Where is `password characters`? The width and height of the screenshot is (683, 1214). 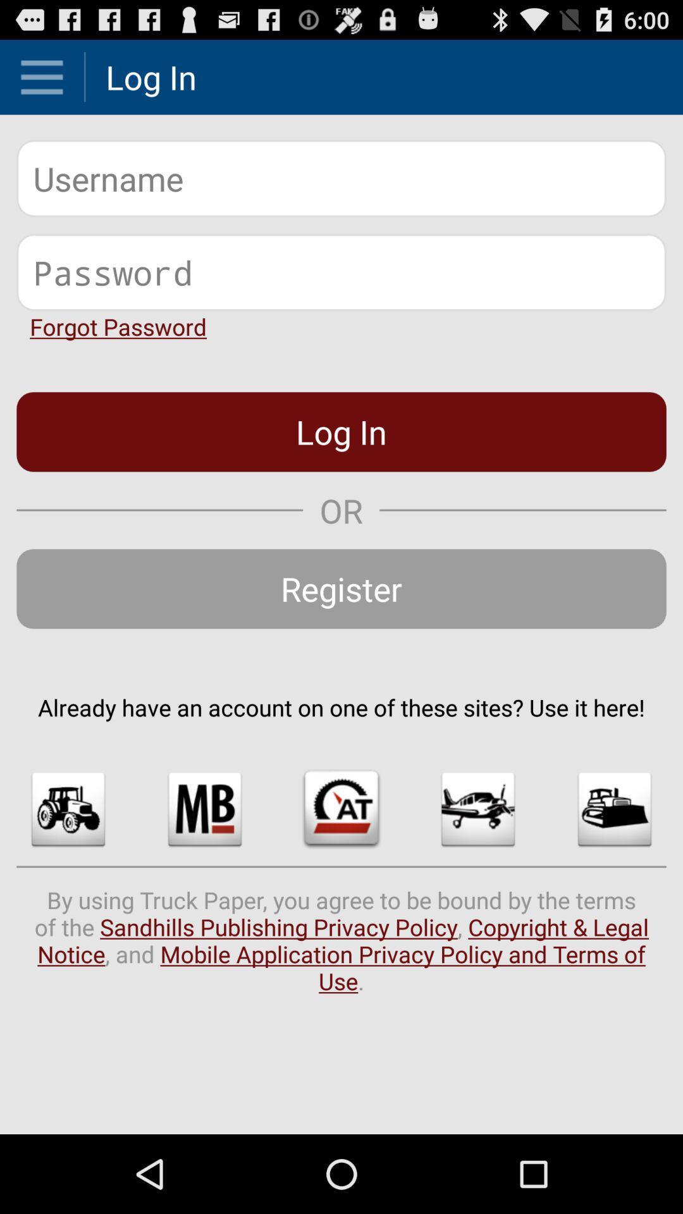 password characters is located at coordinates (341, 271).